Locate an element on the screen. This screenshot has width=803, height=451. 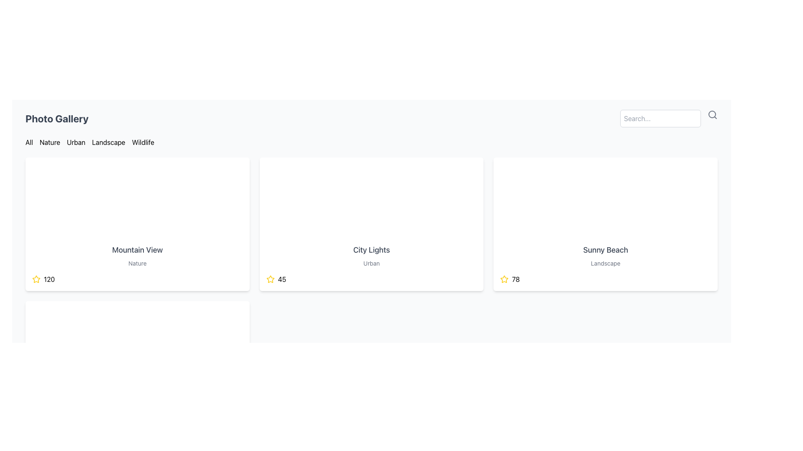
the 'Landscape' label is located at coordinates (108, 142).